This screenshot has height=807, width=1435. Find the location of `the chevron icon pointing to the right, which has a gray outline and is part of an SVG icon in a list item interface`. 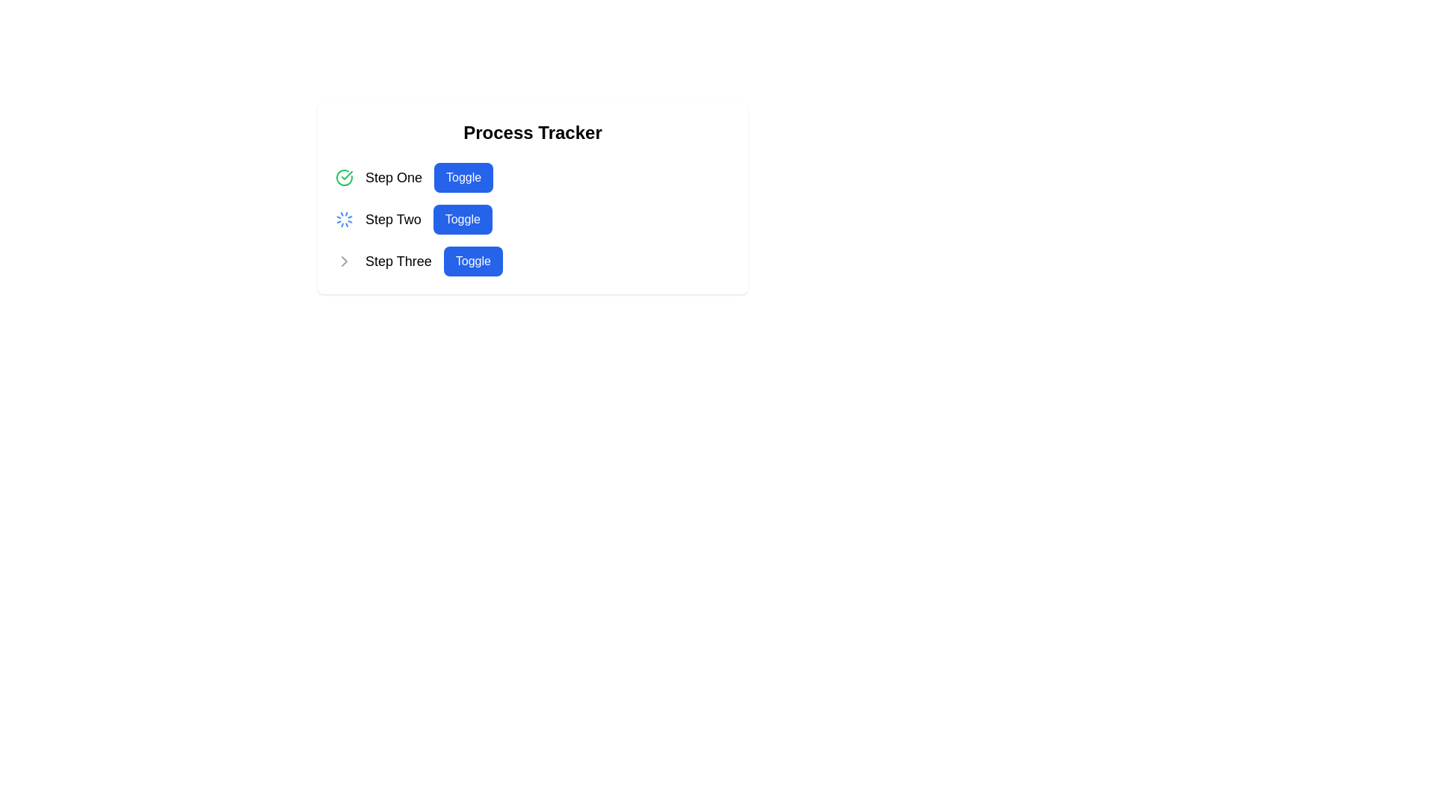

the chevron icon pointing to the right, which has a gray outline and is part of an SVG icon in a list item interface is located at coordinates (343, 261).